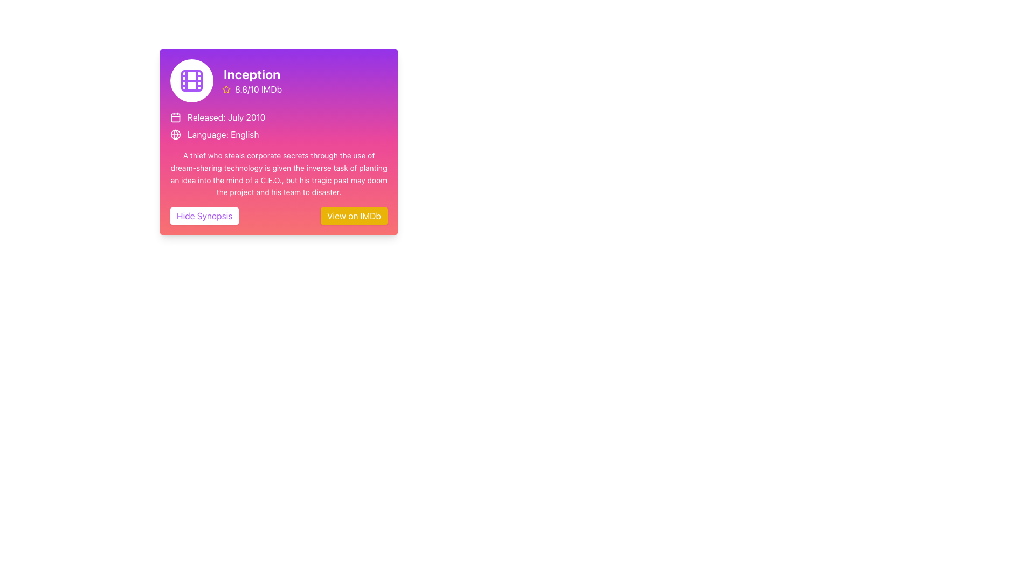  Describe the element at coordinates (251, 88) in the screenshot. I see `the rating information element displaying '8.8/10 IMDb' with a yellow star icon adjacent to it, located below the title 'Inception'` at that location.